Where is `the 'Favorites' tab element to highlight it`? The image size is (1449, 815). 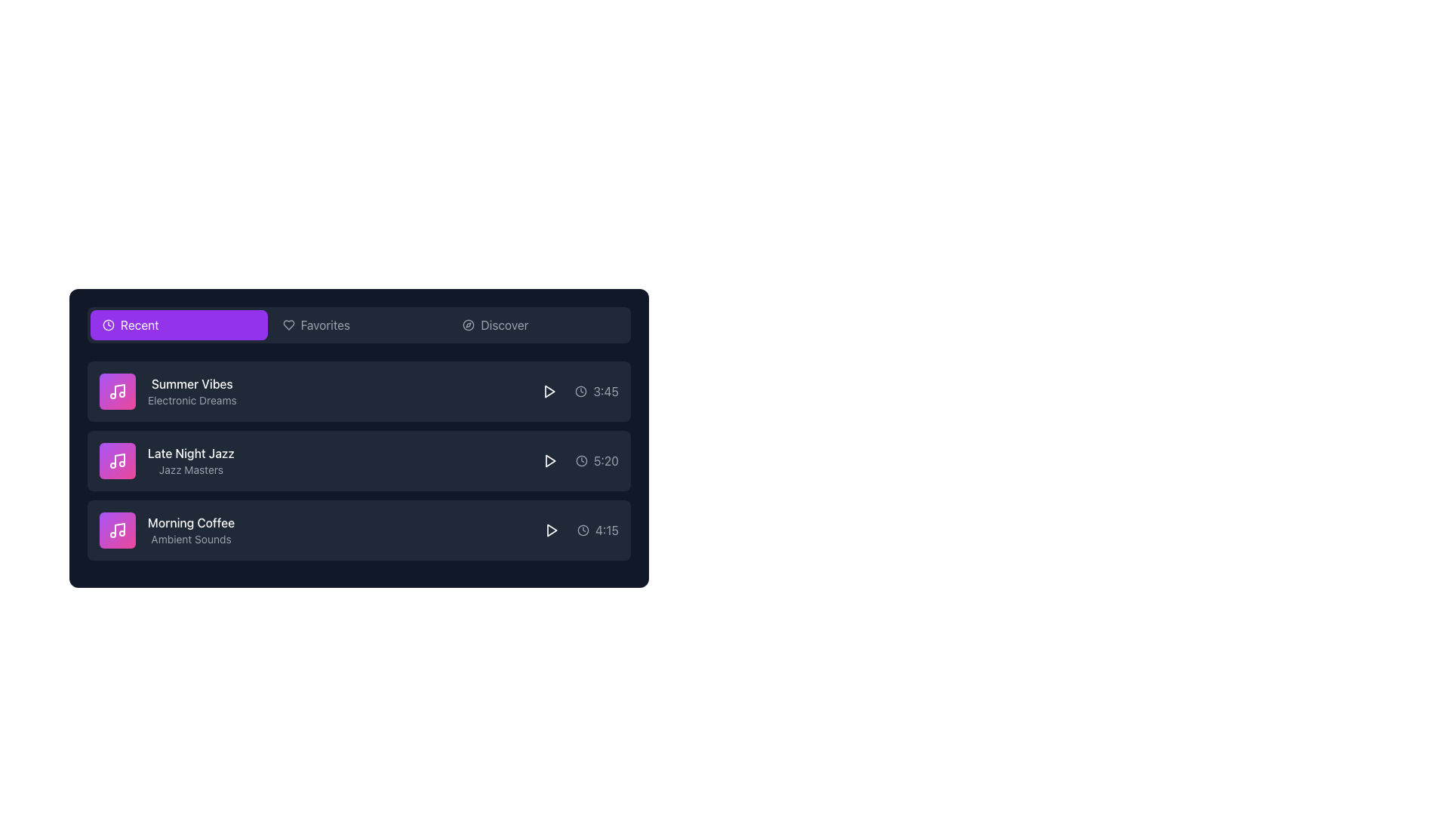 the 'Favorites' tab element to highlight it is located at coordinates (358, 324).